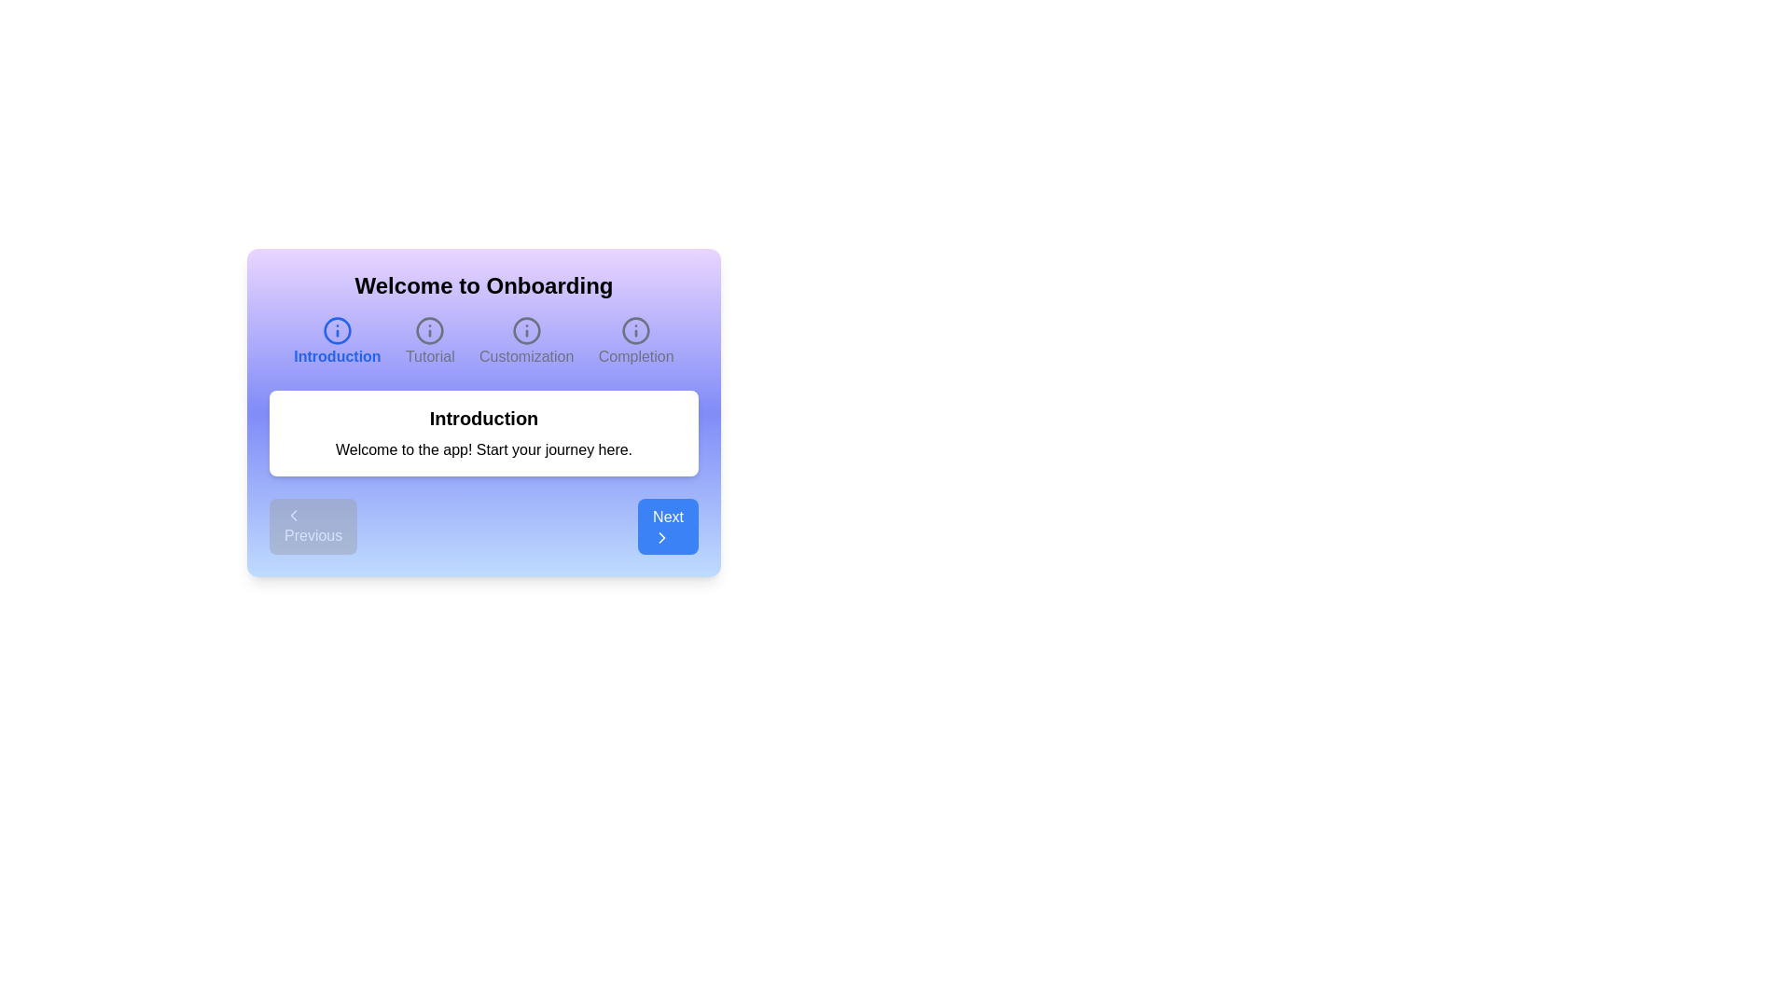 Image resolution: width=1791 pixels, height=1007 pixels. I want to click on the Informational panel titled 'Introduction' which contains the welcome message 'Welcome to the app! Start your journey here.', so click(483, 434).